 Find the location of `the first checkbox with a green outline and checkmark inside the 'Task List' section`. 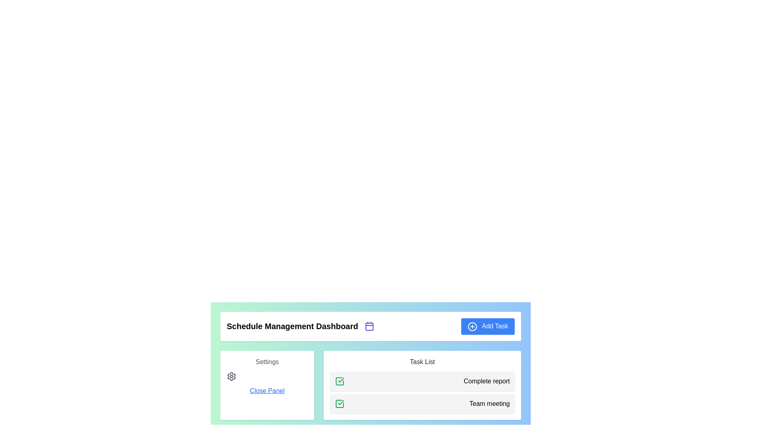

the first checkbox with a green outline and checkmark inside the 'Task List' section is located at coordinates (340, 381).